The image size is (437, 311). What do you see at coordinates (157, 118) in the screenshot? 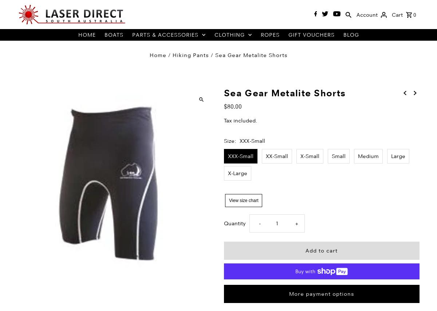
I see `'Mainsheet System'` at bounding box center [157, 118].